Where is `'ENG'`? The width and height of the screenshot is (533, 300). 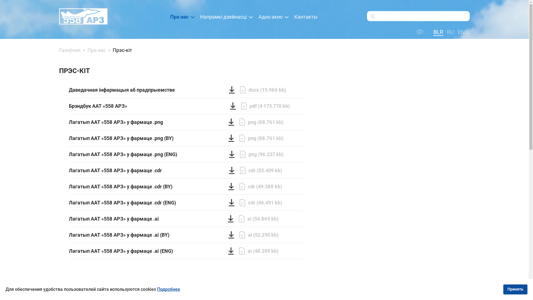 'ENG' is located at coordinates (462, 32).